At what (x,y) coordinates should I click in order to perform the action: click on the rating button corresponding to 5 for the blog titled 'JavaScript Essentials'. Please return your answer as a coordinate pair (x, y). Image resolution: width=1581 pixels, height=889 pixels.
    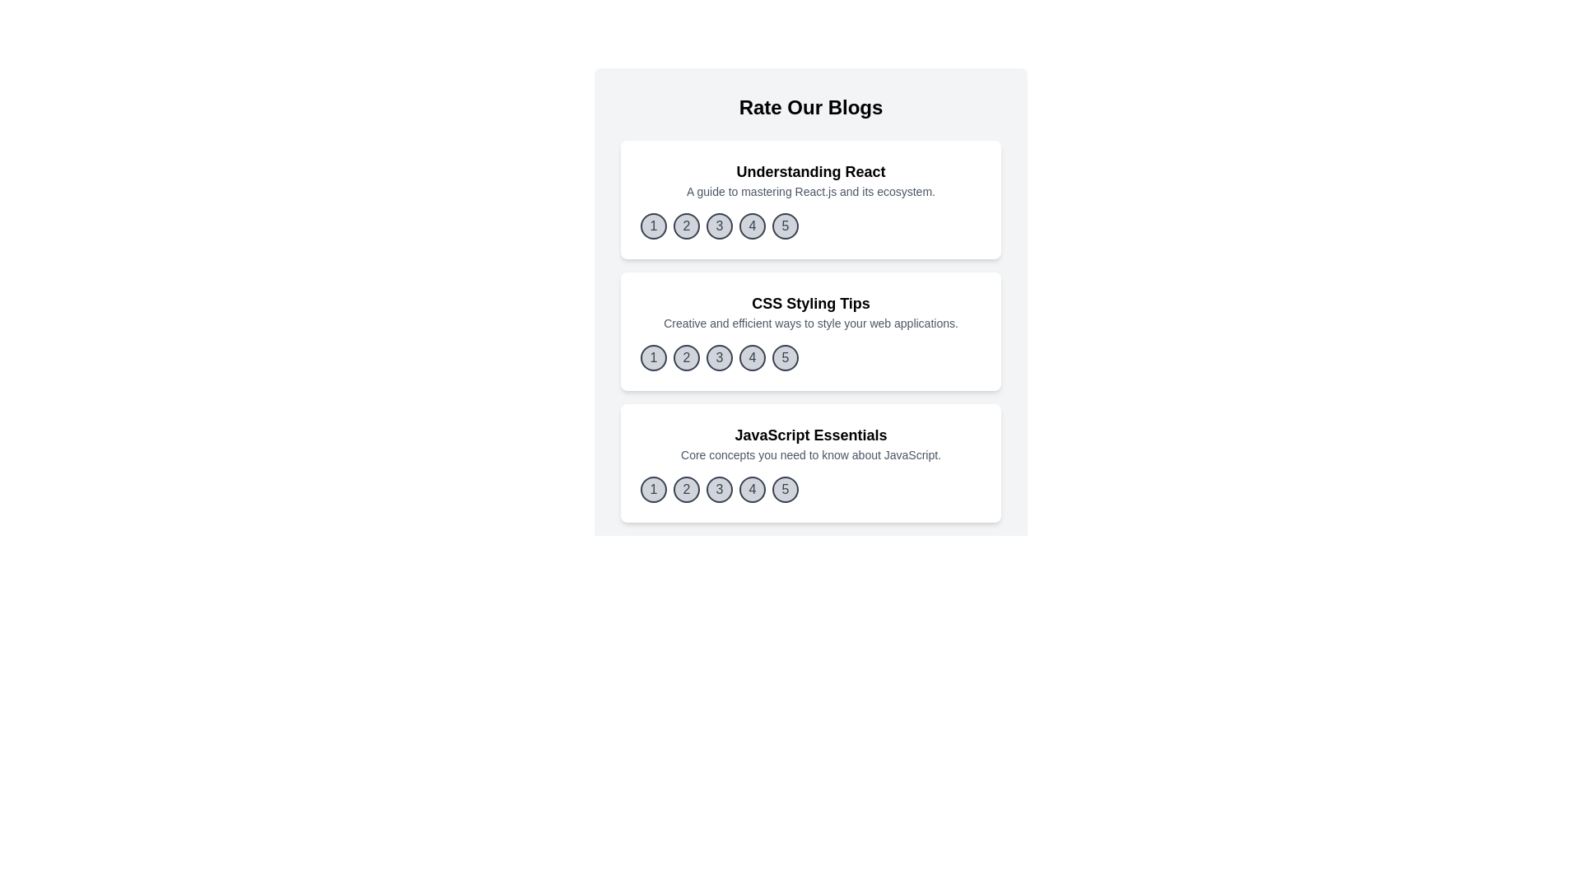
    Looking at the image, I should click on (785, 488).